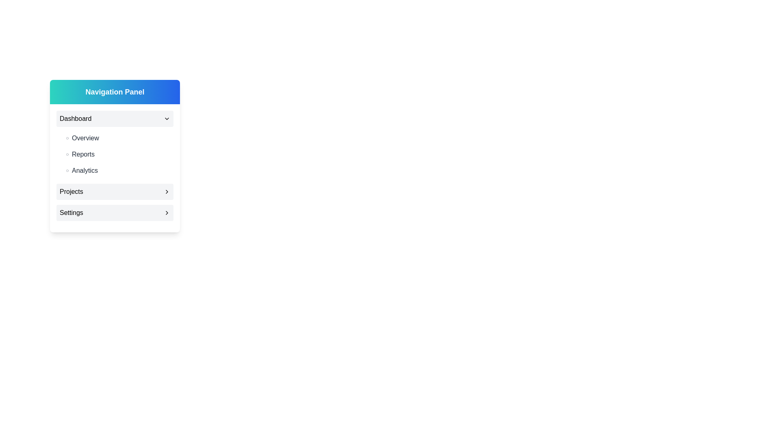 The height and width of the screenshot is (438, 780). I want to click on the 'Reports' text label in the 'Dashboard' dropdown of the left-side navigation menu, so click(83, 155).